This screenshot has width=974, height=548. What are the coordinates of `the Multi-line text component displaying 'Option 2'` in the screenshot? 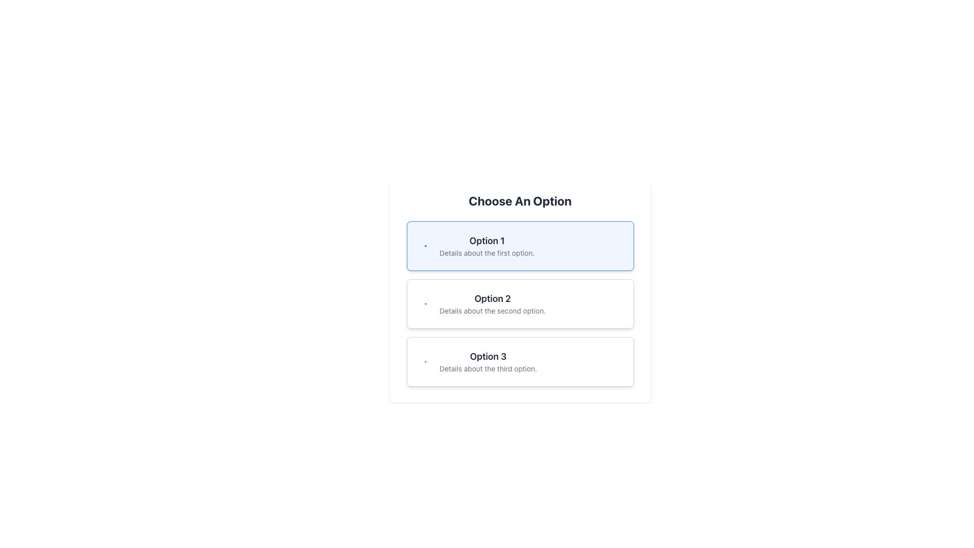 It's located at (493, 303).